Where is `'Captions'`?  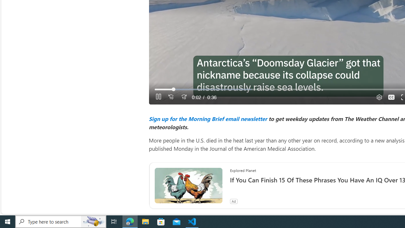
'Captions' is located at coordinates (391, 97).